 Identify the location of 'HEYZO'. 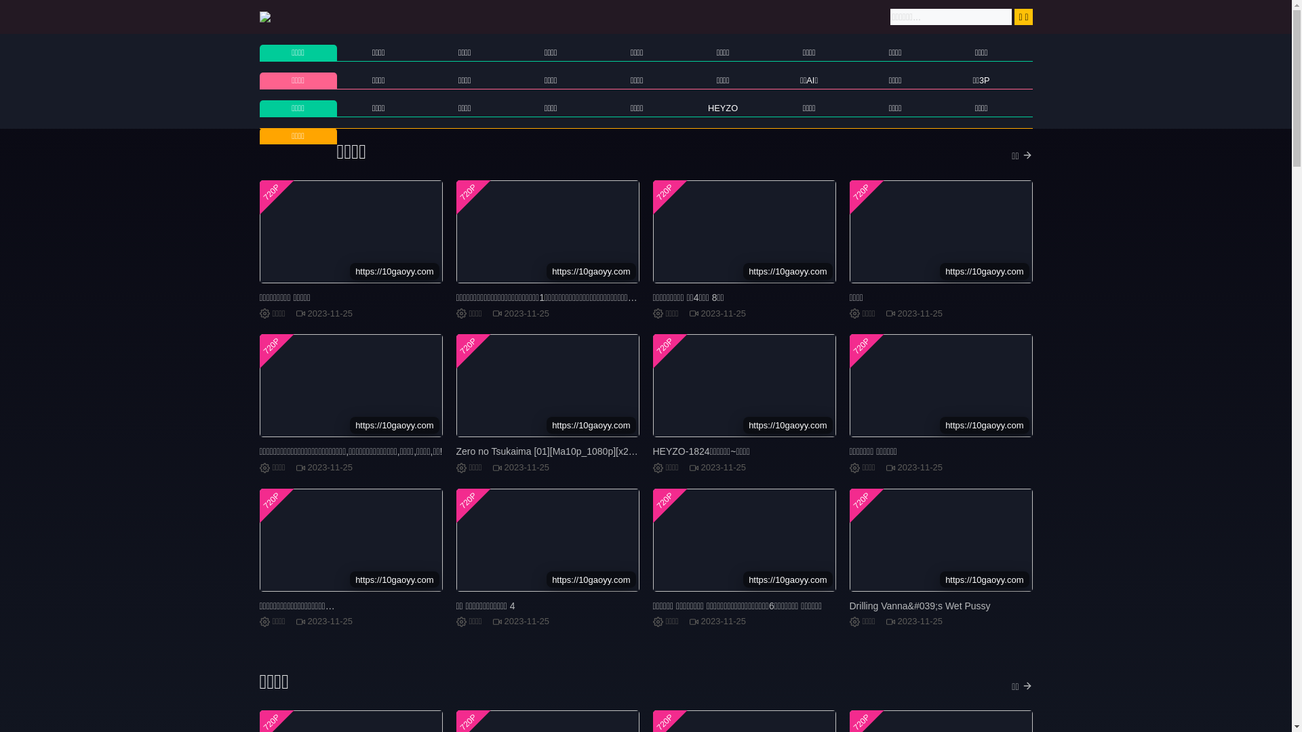
(722, 107).